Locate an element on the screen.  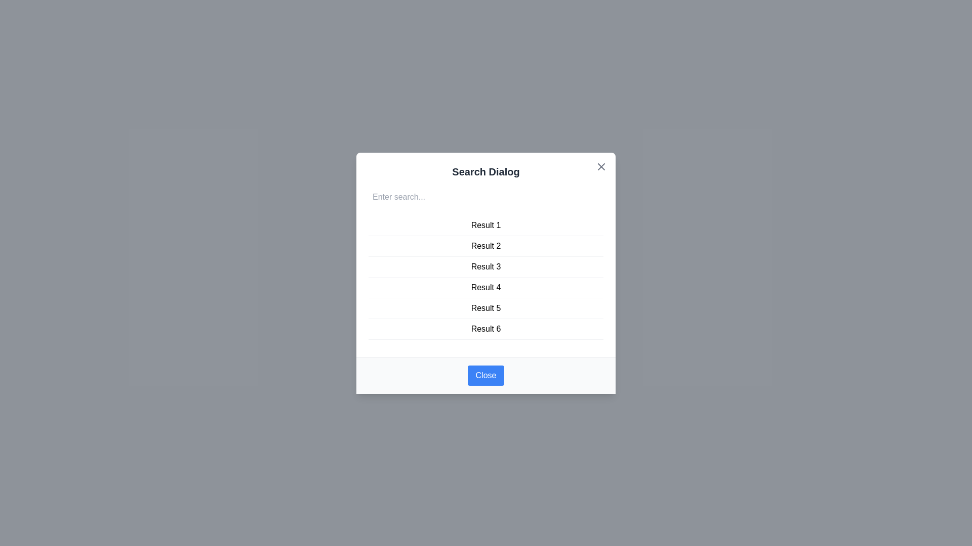
close button at the bottom of the dialog is located at coordinates (486, 375).